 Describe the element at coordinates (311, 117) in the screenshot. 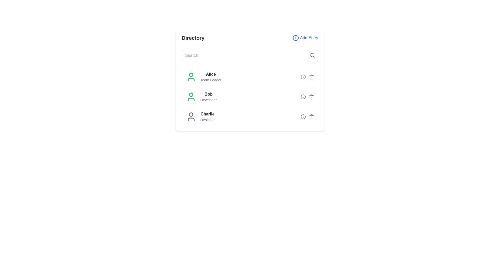

I see `the delete icon button for user 'Charlie', located at the rightmost end of the third row in the list, to observe style changes` at that location.